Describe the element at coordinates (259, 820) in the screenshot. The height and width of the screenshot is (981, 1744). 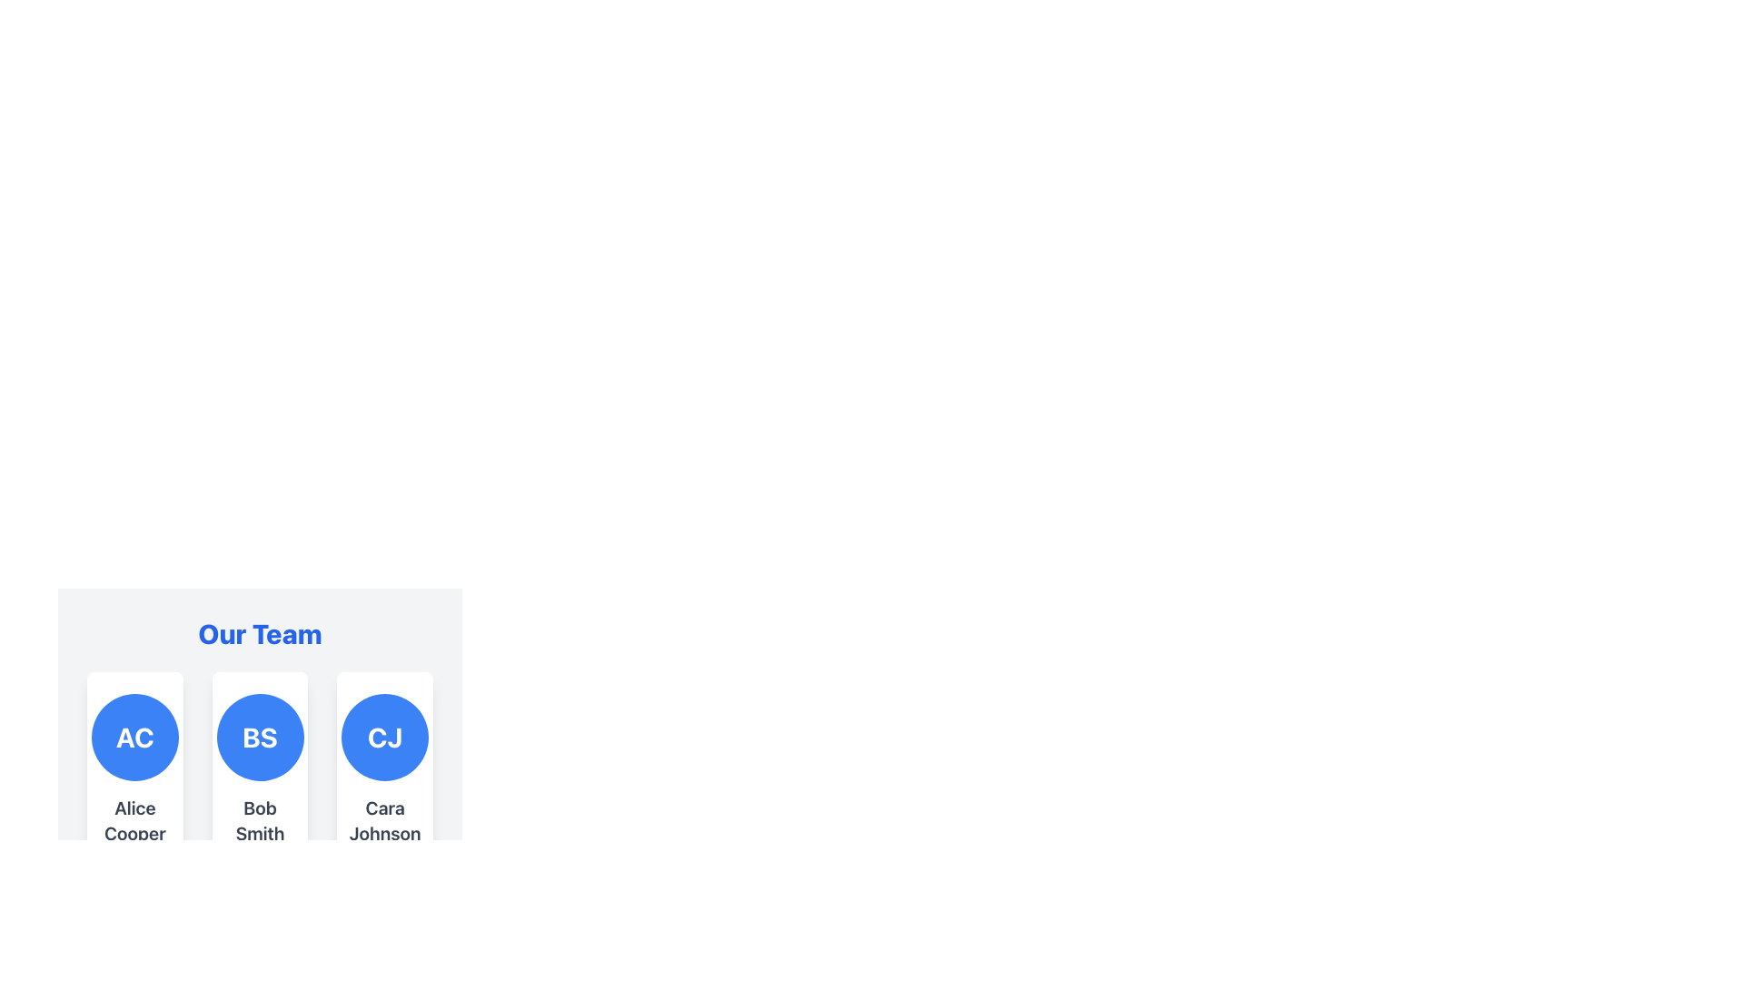
I see `text content of the Text Label that displays the name of the individual associated with the avatar in the team section` at that location.